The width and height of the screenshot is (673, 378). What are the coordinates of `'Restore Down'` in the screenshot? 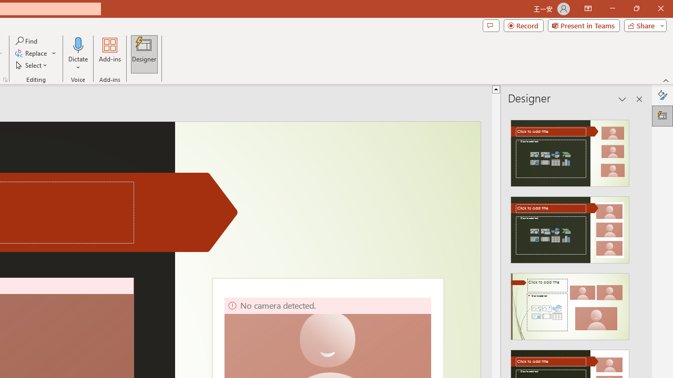 It's located at (636, 8).